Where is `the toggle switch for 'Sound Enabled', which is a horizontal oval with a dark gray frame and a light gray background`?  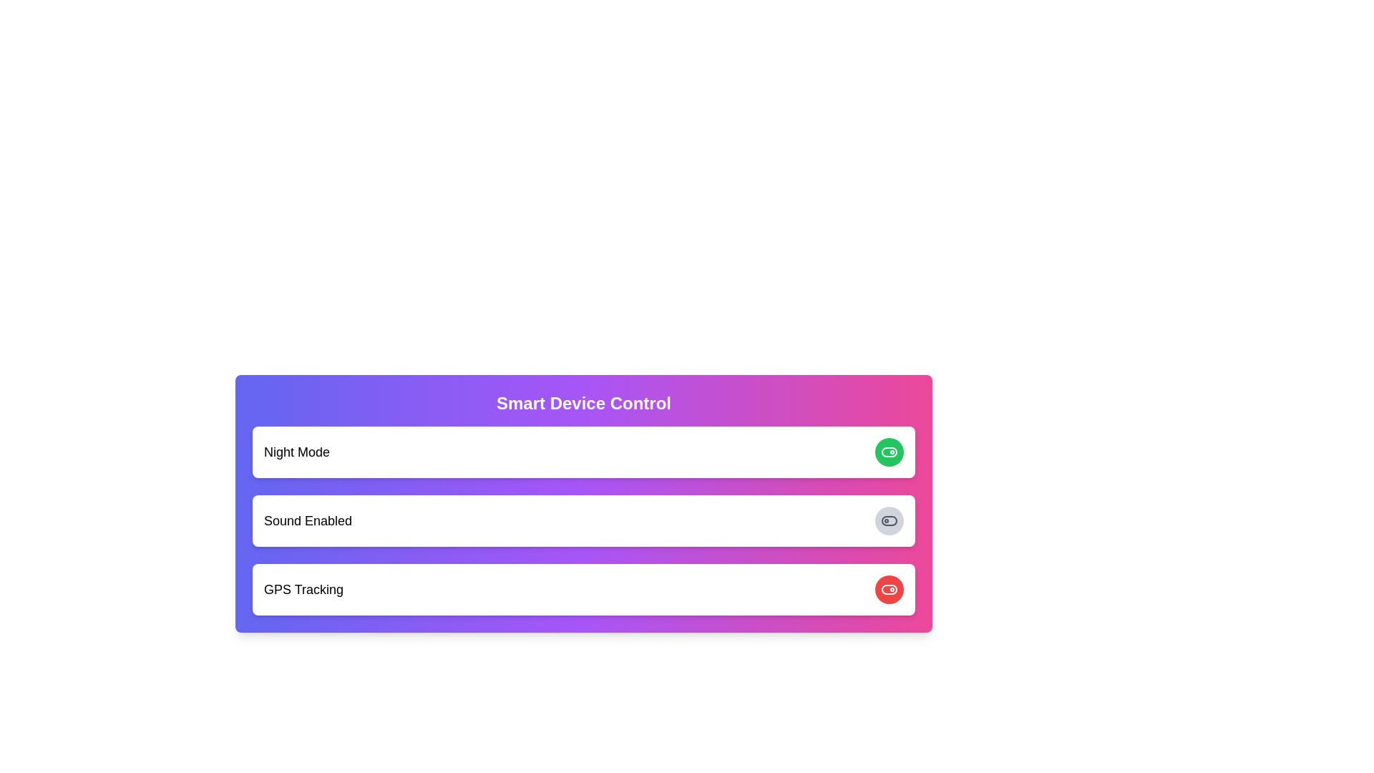
the toggle switch for 'Sound Enabled', which is a horizontal oval with a dark gray frame and a light gray background is located at coordinates (889, 521).